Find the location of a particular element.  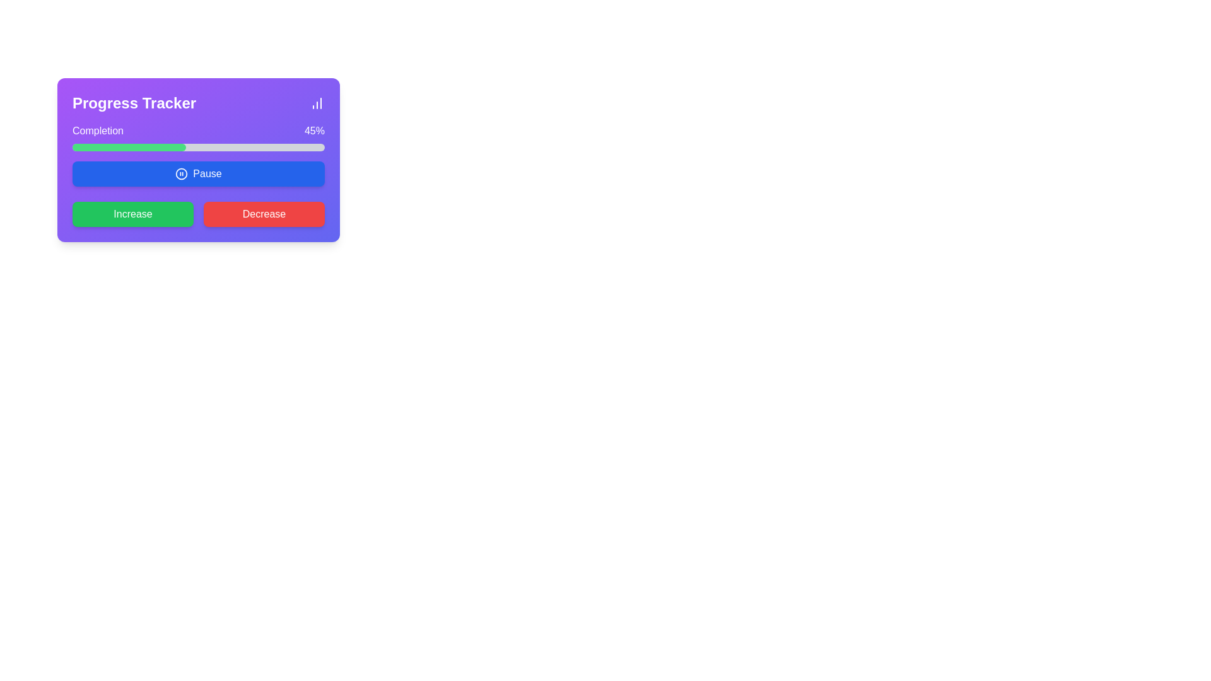

the horizontal progress bar indicating 45% completion, located below the 'Completion' label and above the 'Pause' button is located at coordinates (198, 147).